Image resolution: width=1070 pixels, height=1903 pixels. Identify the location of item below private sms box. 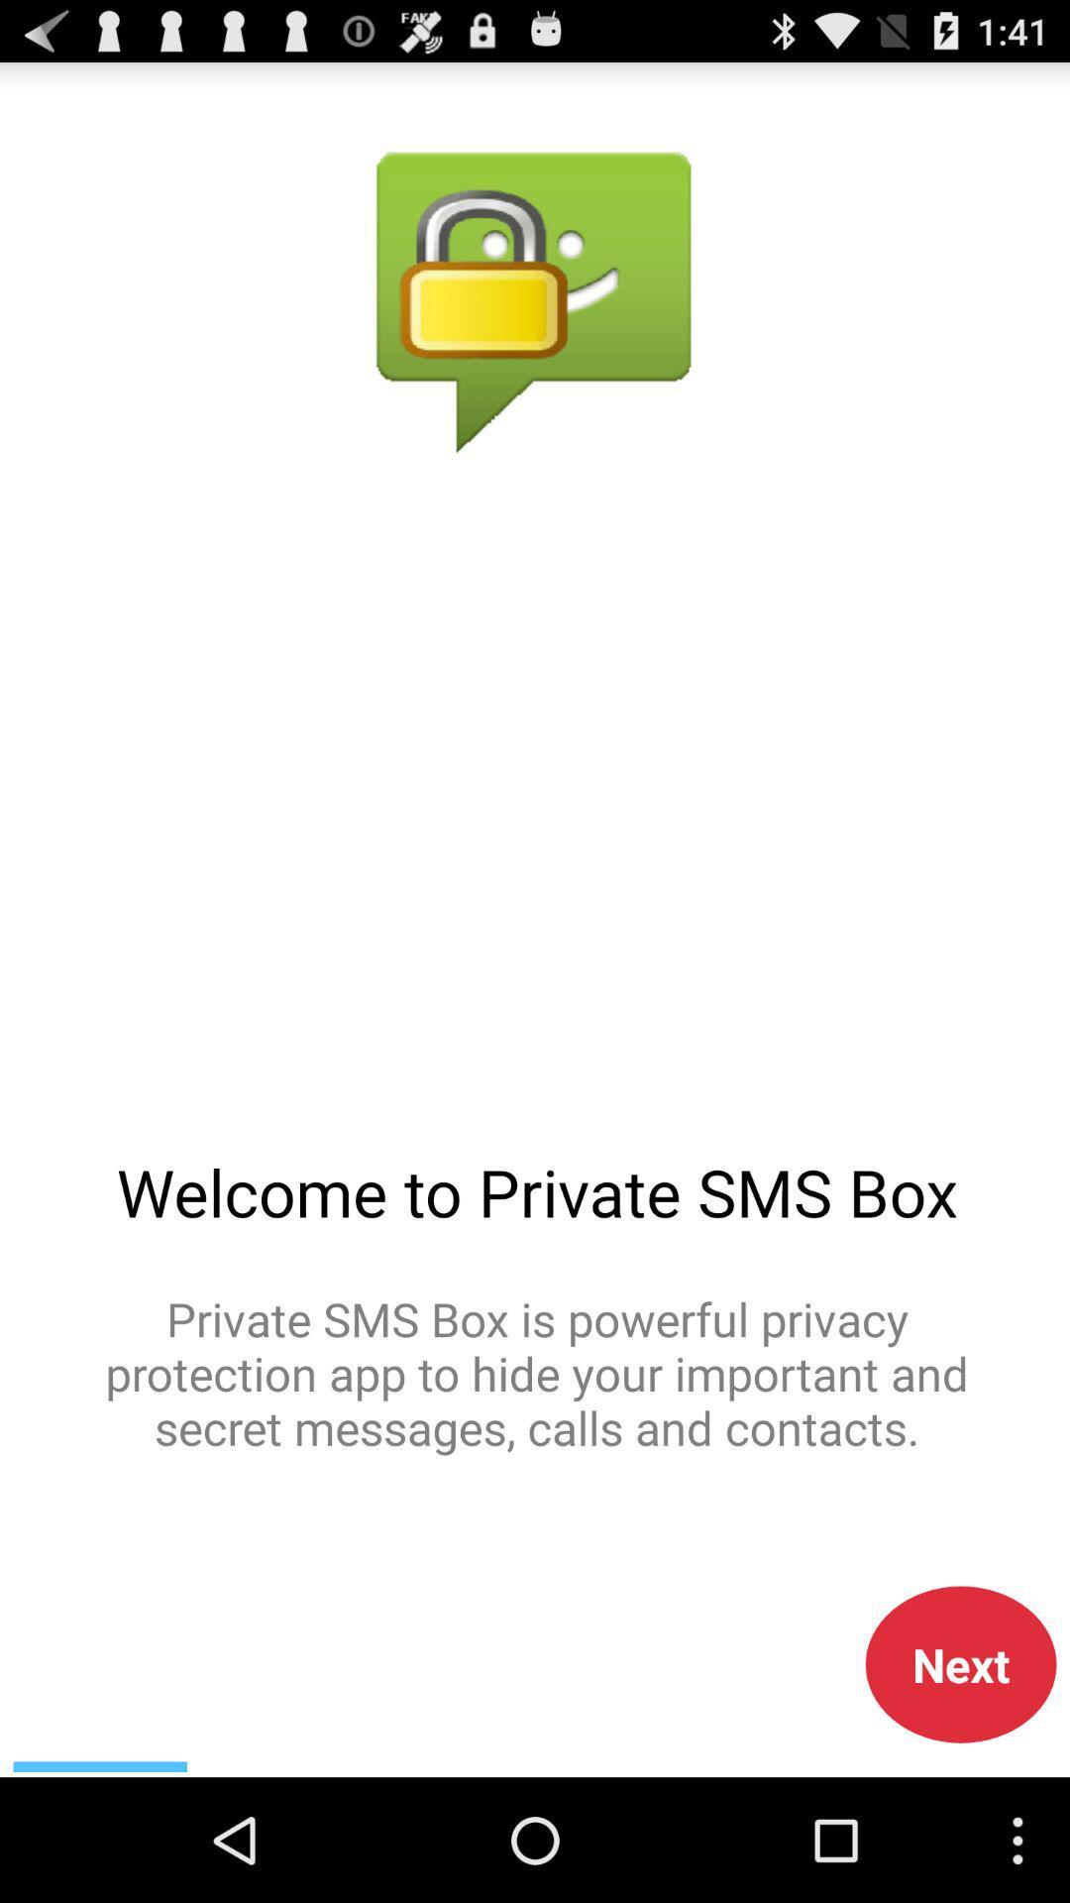
(960, 1664).